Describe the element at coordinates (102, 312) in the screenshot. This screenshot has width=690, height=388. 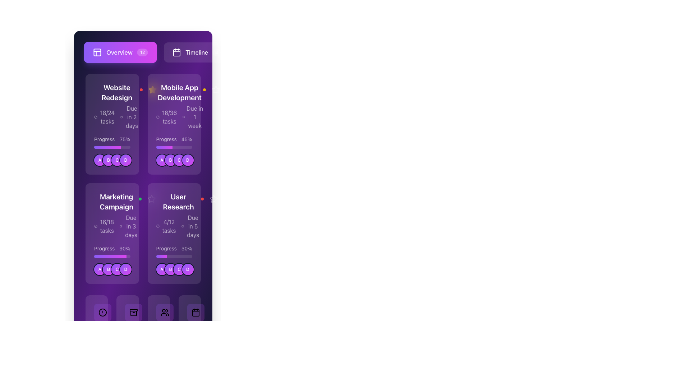
I see `the circular alert icon located in the bottom navigation bar at the far left, which indicates a warning or important status` at that location.